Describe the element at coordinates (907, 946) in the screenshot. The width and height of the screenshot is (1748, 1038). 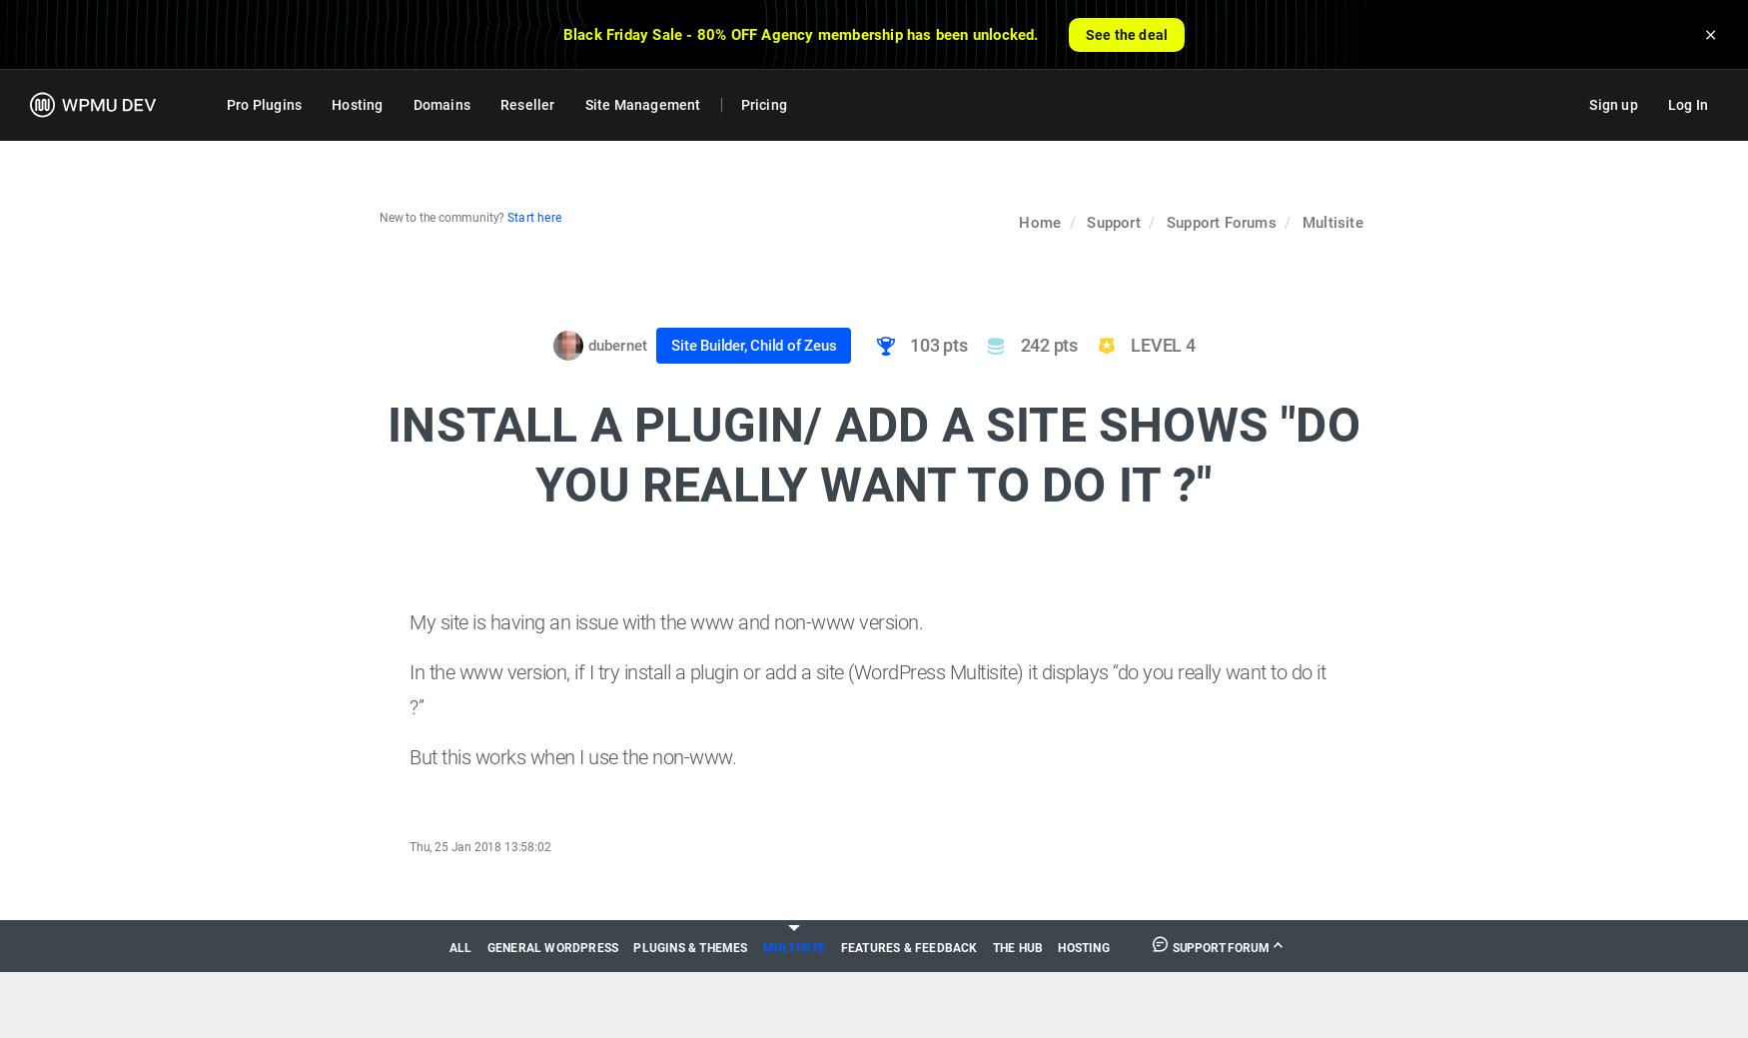
I see `'Features & Feedback'` at that location.